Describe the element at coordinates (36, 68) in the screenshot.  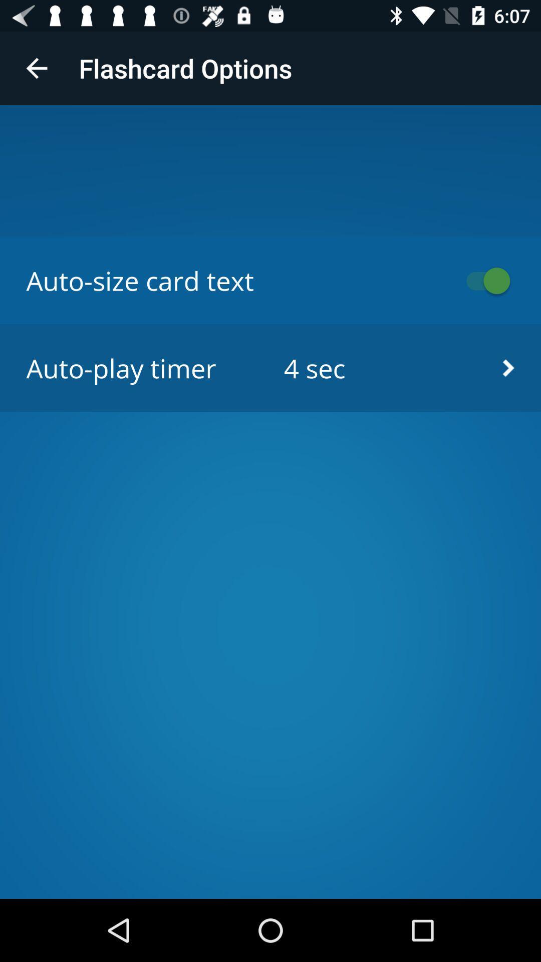
I see `icon to the left of the flashcard options` at that location.